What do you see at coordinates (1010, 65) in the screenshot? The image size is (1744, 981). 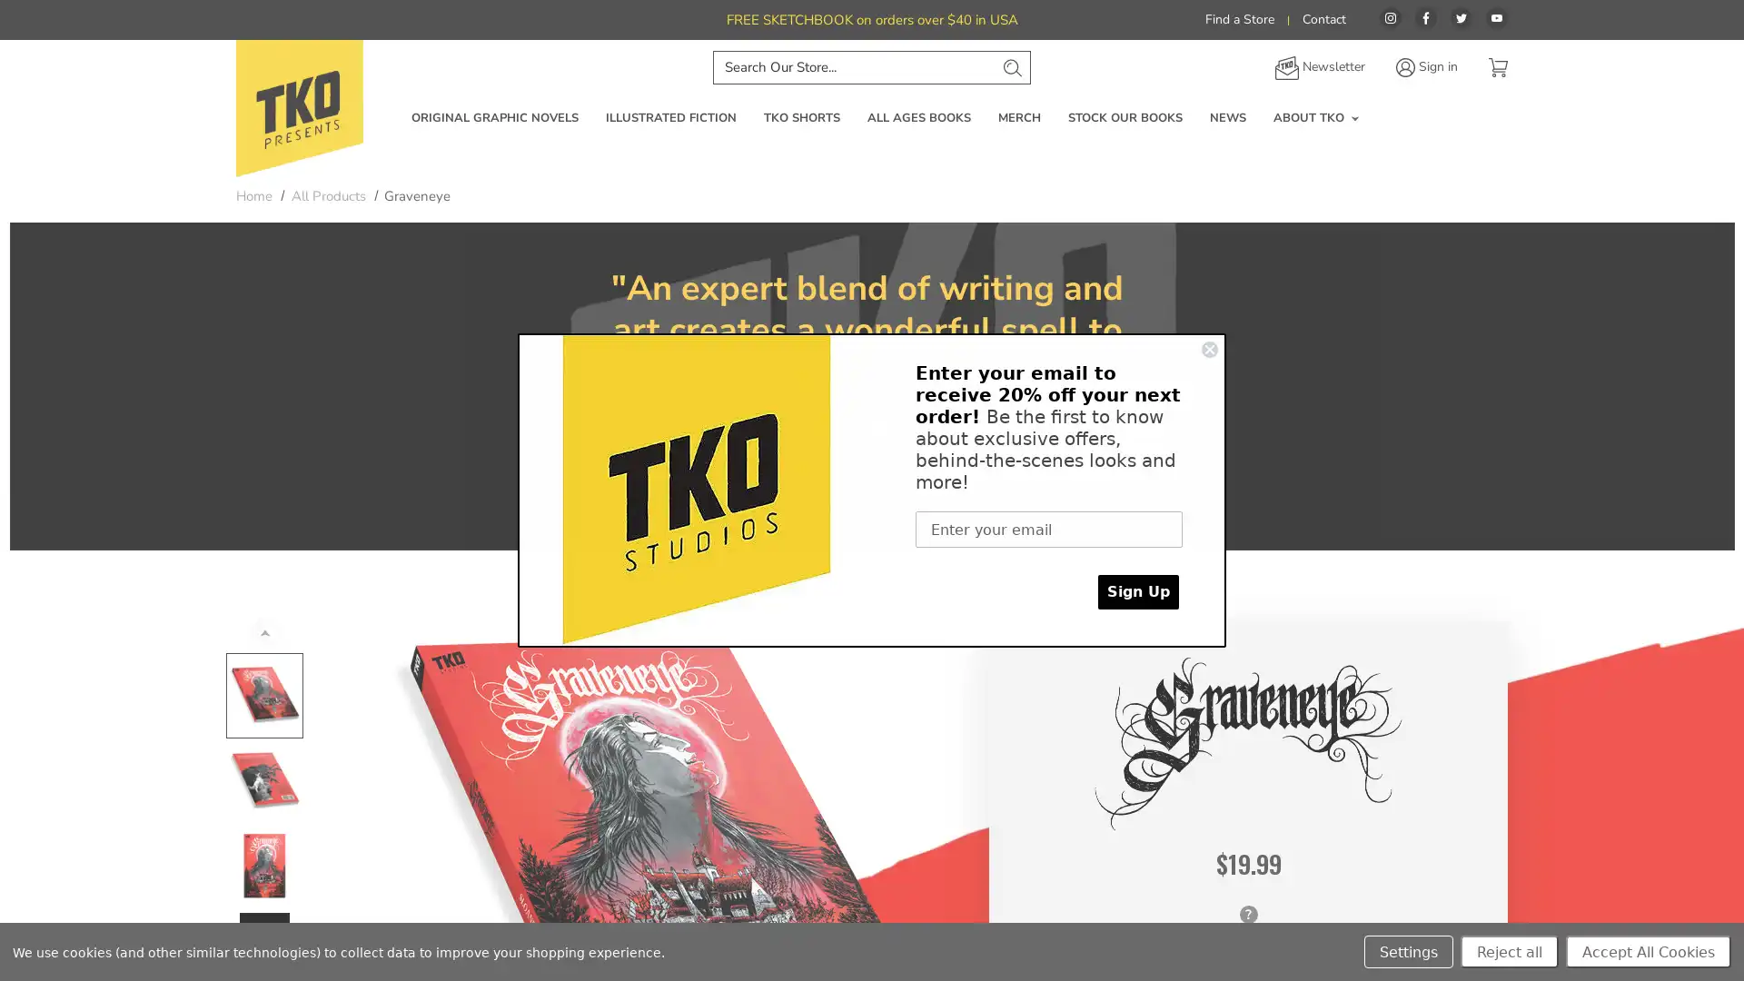 I see `SEARCH OUR STORE...` at bounding box center [1010, 65].